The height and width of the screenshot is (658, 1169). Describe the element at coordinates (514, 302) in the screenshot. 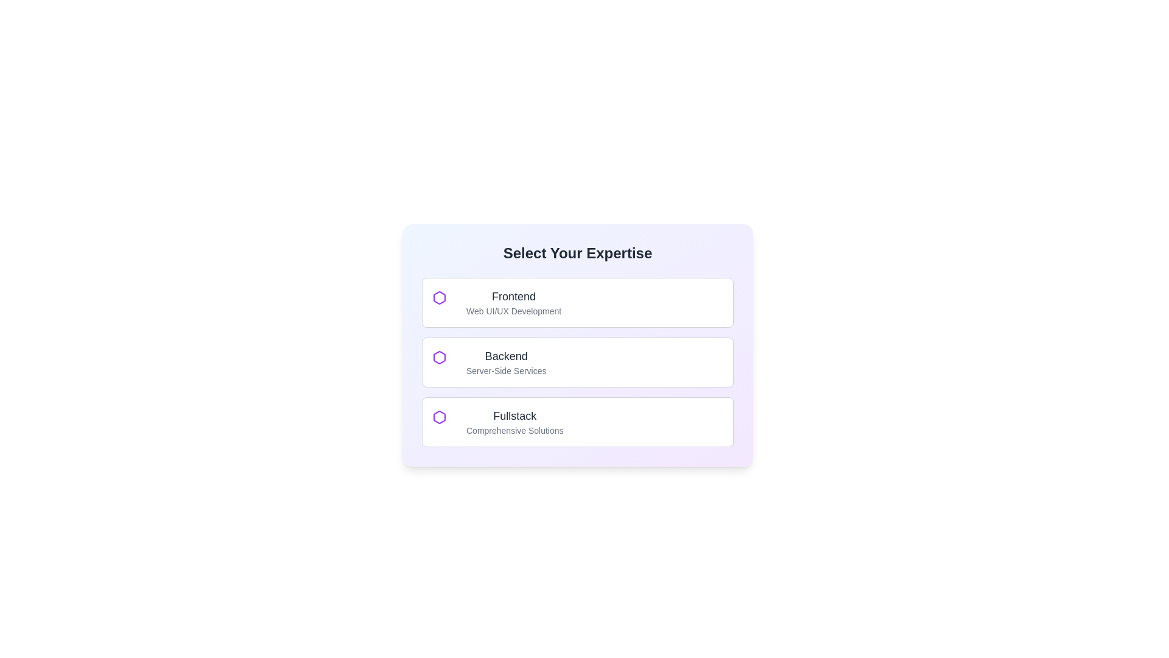

I see `the text block titled 'Frontend' with the subtitle 'Web UI/UX Development', located within the first selectable card under the 'Select Your Expertise' section` at that location.